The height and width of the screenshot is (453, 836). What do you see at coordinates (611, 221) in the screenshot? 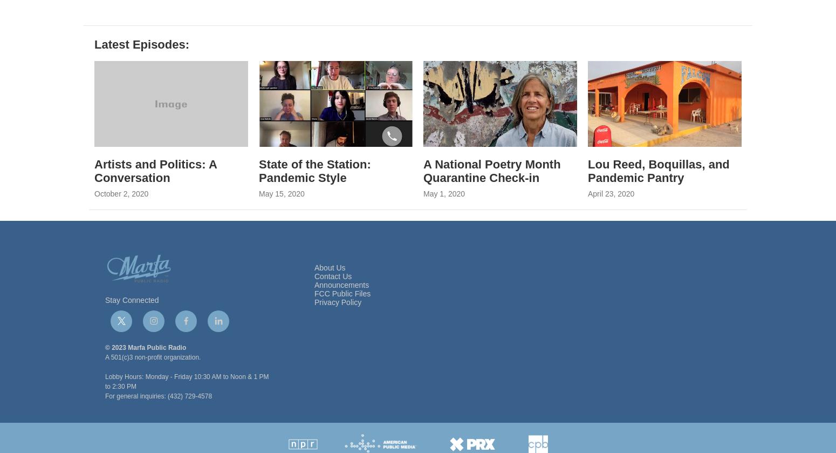
I see `'April 23, 2020'` at bounding box center [611, 221].